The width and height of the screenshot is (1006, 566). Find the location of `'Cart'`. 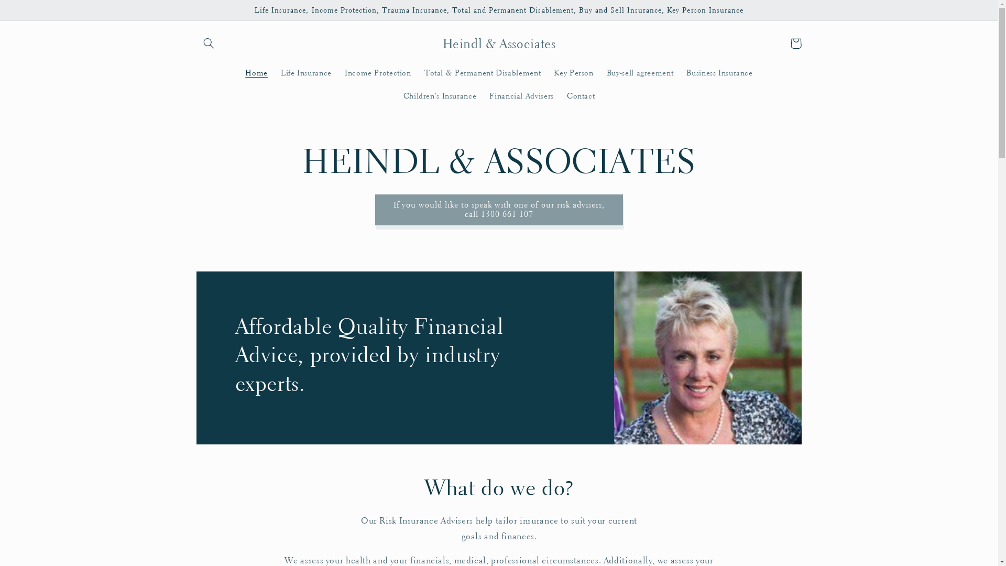

'Cart' is located at coordinates (795, 43).